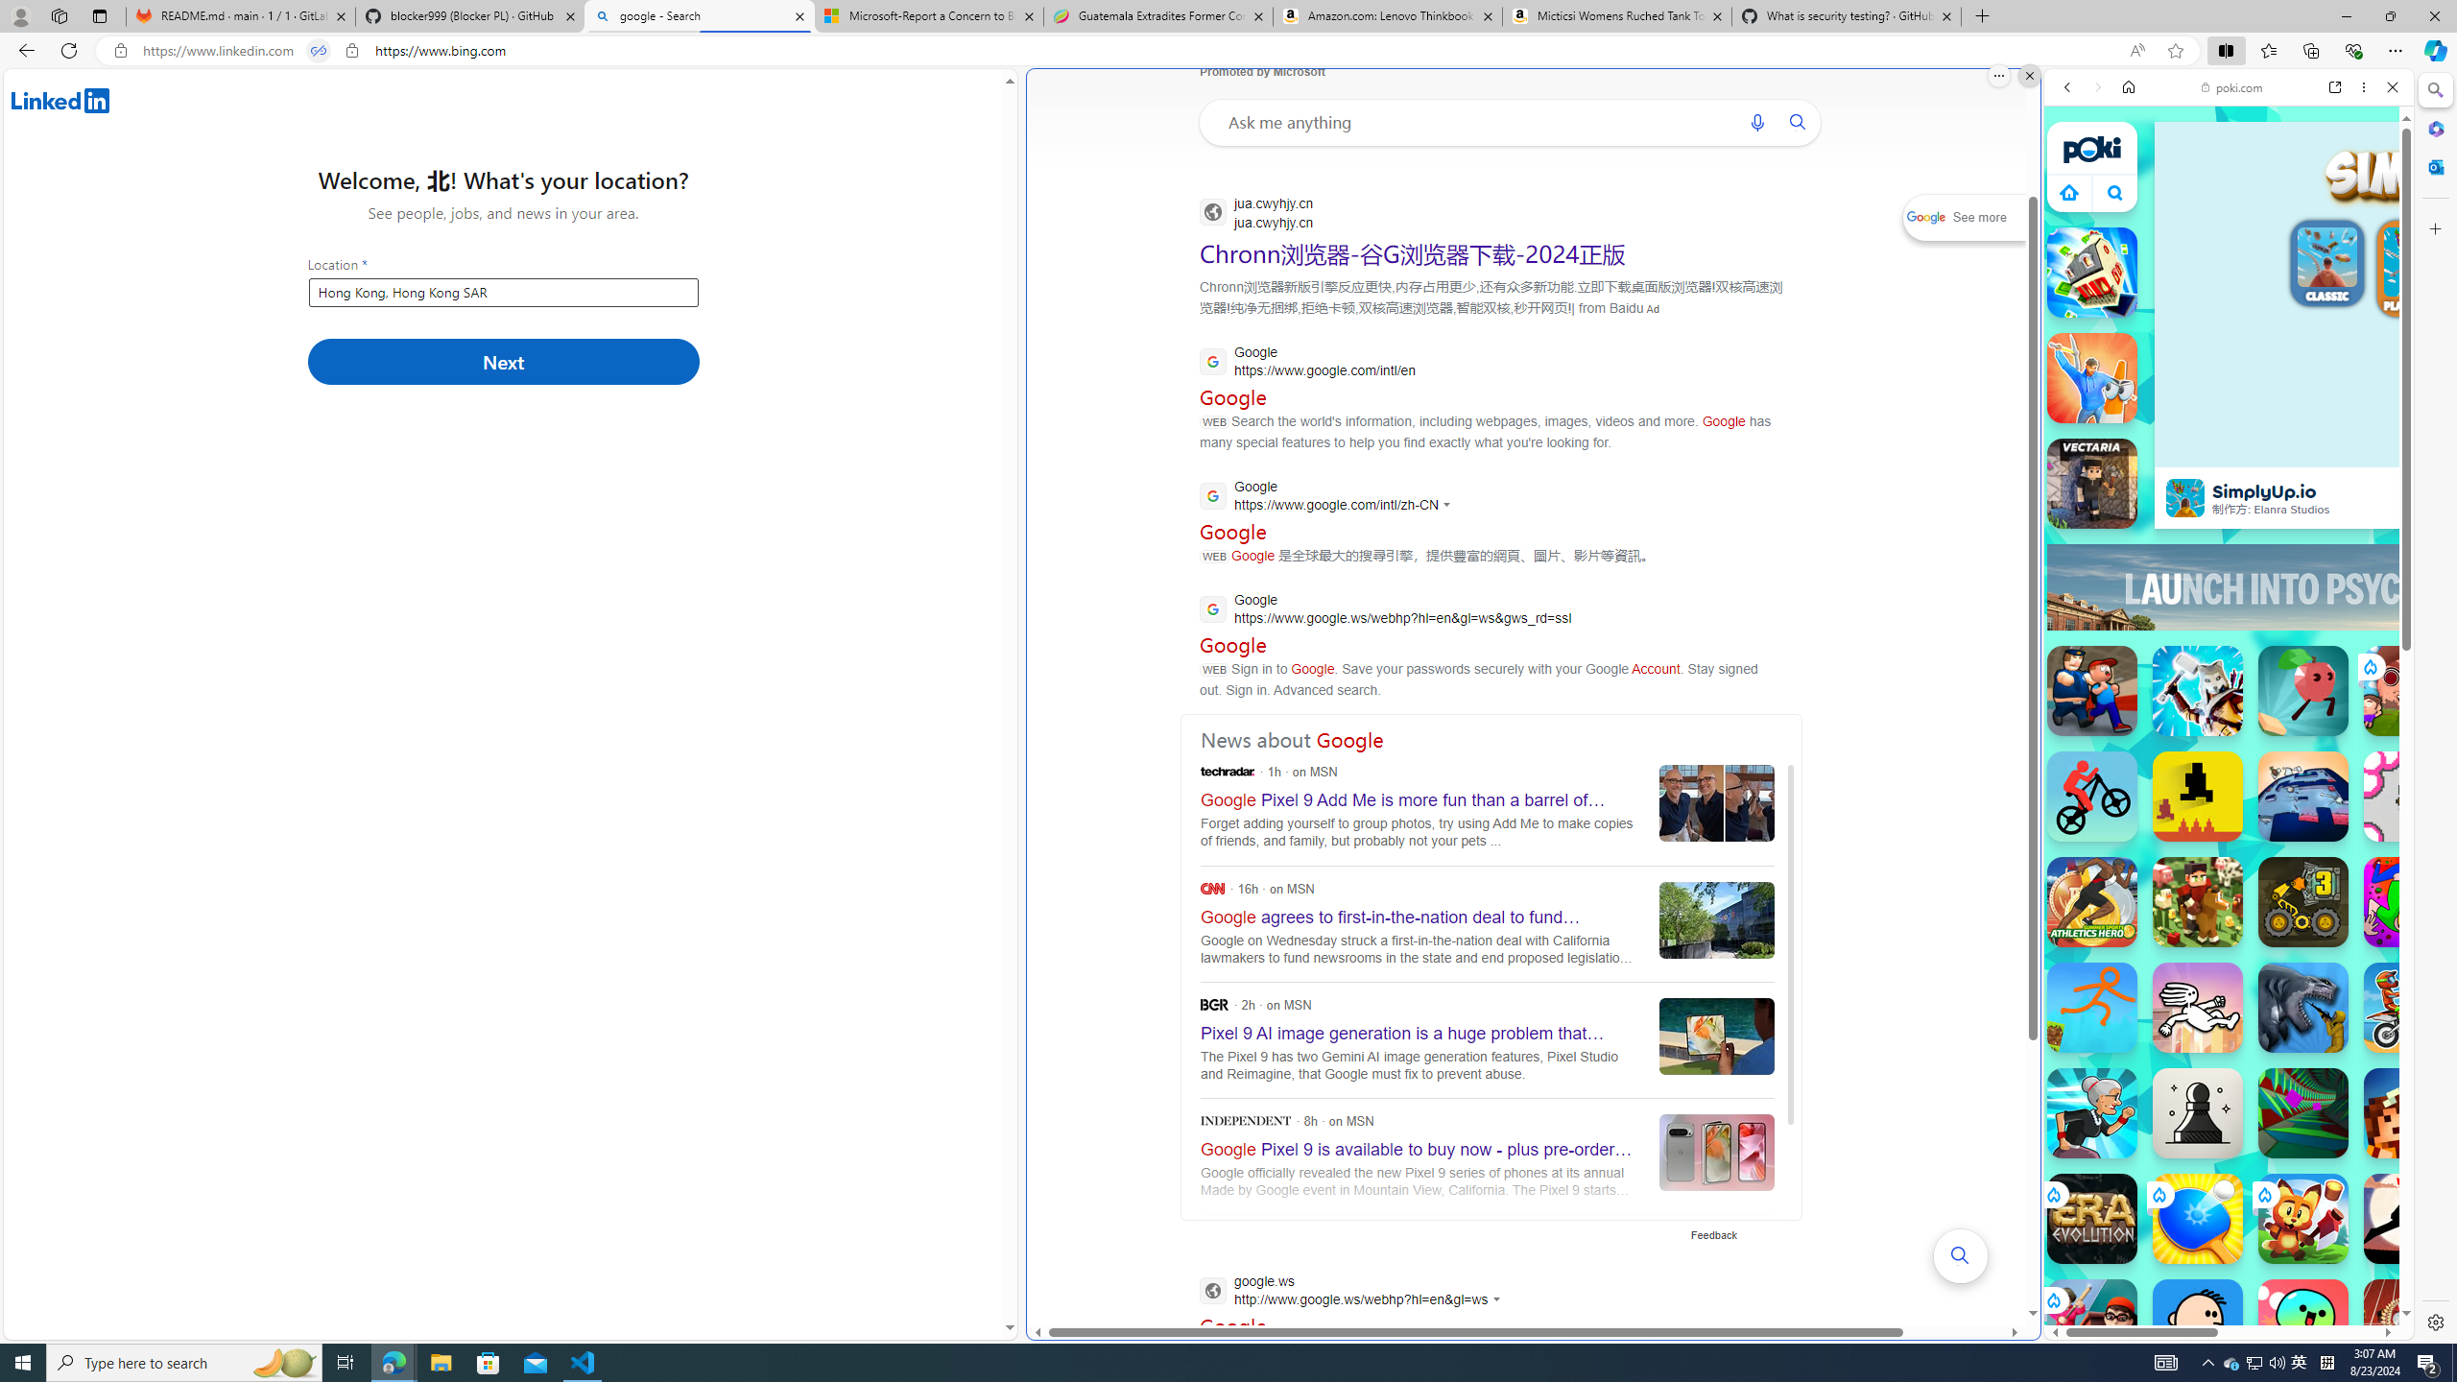 The image size is (2457, 1382). Describe the element at coordinates (2409, 900) in the screenshot. I see `'JollyWorld JollyWorld'` at that location.